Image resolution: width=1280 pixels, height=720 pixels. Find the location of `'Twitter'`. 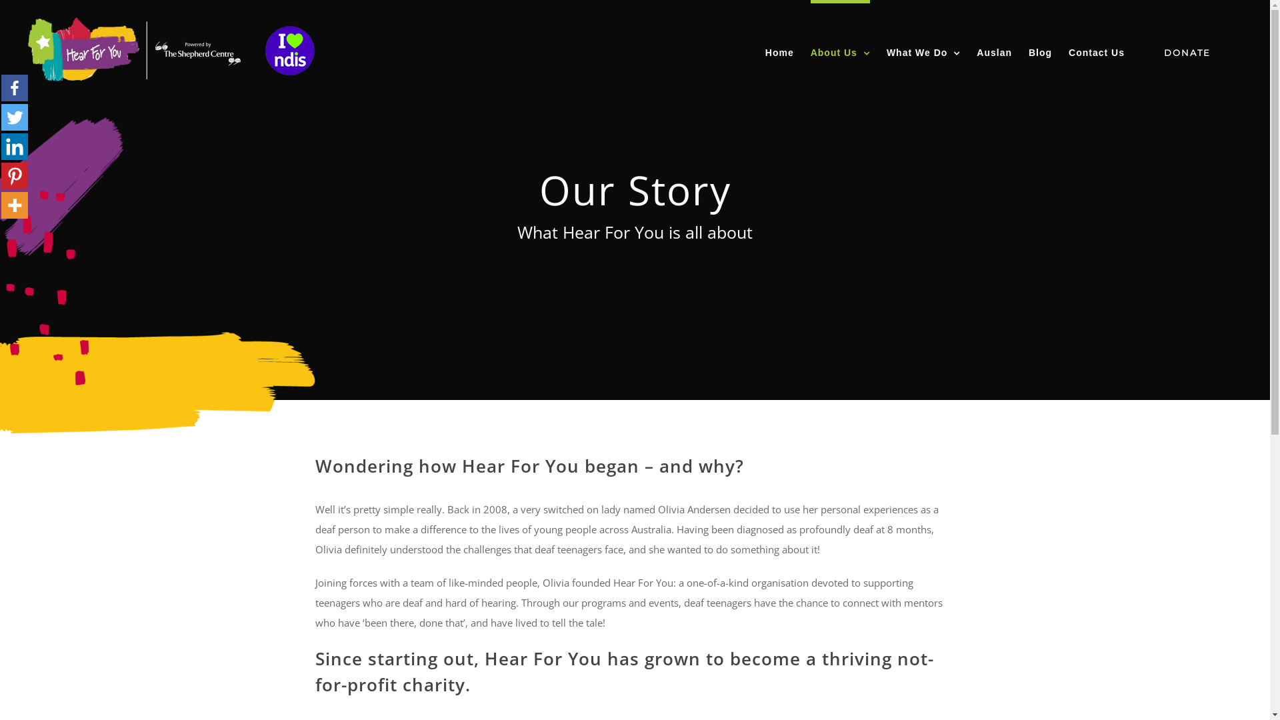

'Twitter' is located at coordinates (15, 117).